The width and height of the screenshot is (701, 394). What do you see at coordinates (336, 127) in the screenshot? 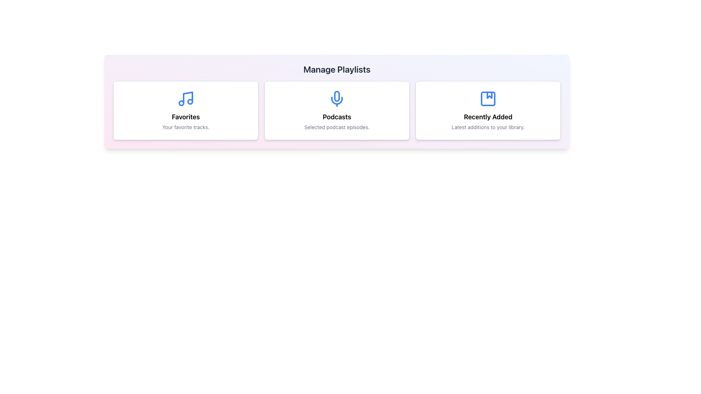
I see `descriptive text label located below the 'Podcasts' title in the second card of a horizontal set of three` at bounding box center [336, 127].